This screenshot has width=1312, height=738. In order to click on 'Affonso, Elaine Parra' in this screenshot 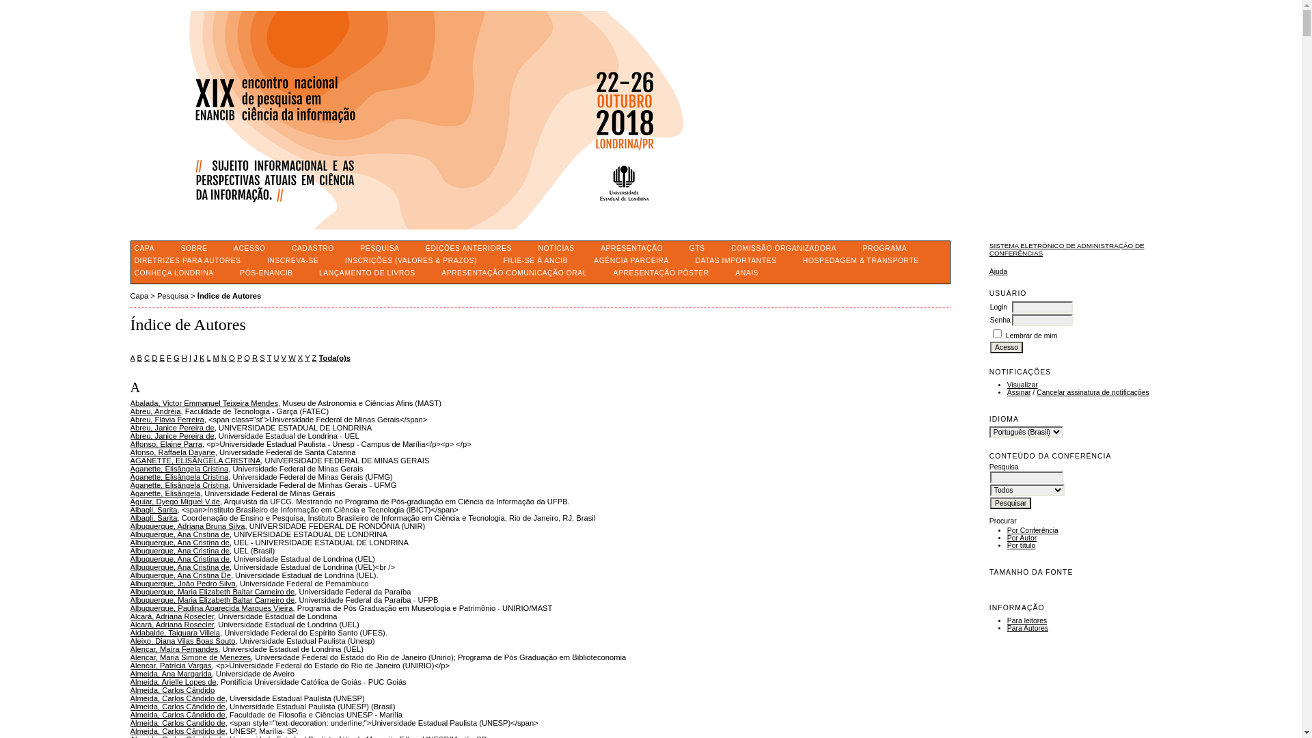, I will do `click(130, 444)`.